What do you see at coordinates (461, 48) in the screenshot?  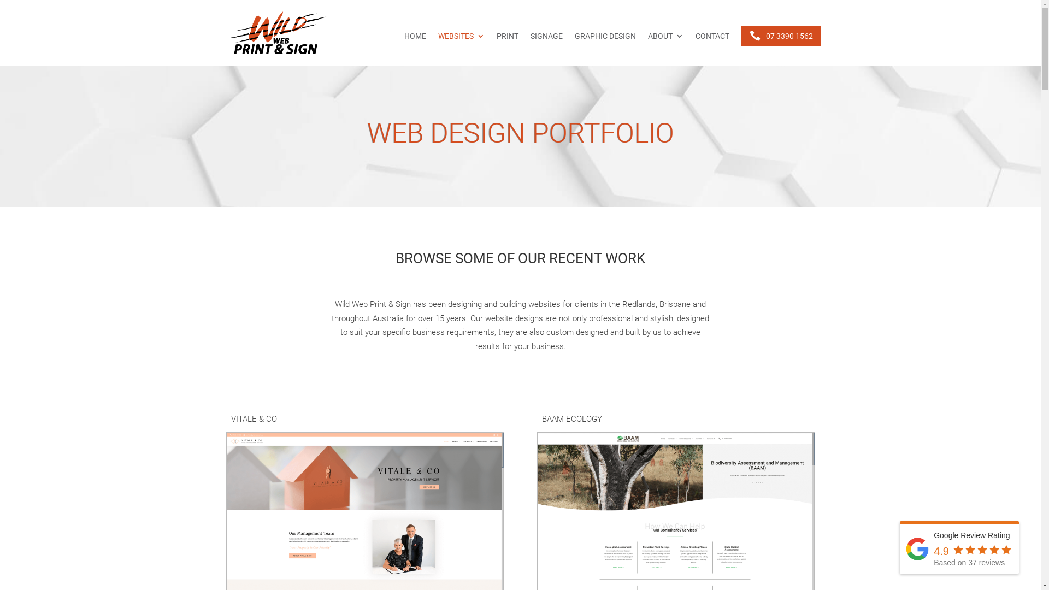 I see `'WEBSITES'` at bounding box center [461, 48].